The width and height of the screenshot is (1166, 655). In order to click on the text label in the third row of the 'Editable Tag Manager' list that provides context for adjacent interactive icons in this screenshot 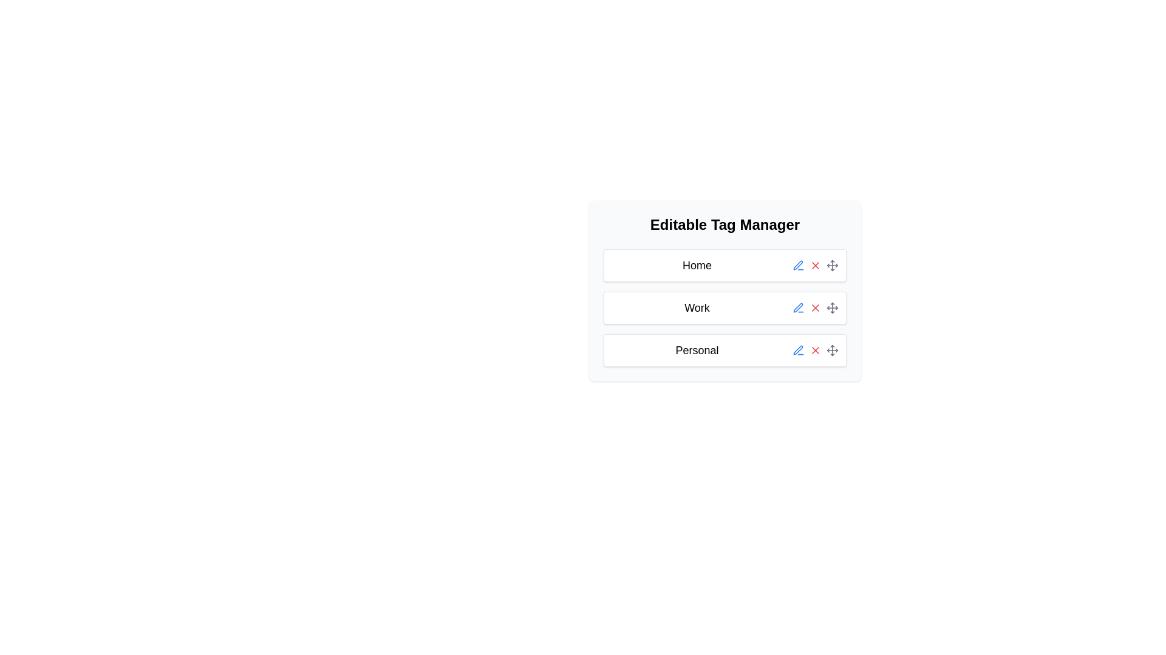, I will do `click(697, 351)`.